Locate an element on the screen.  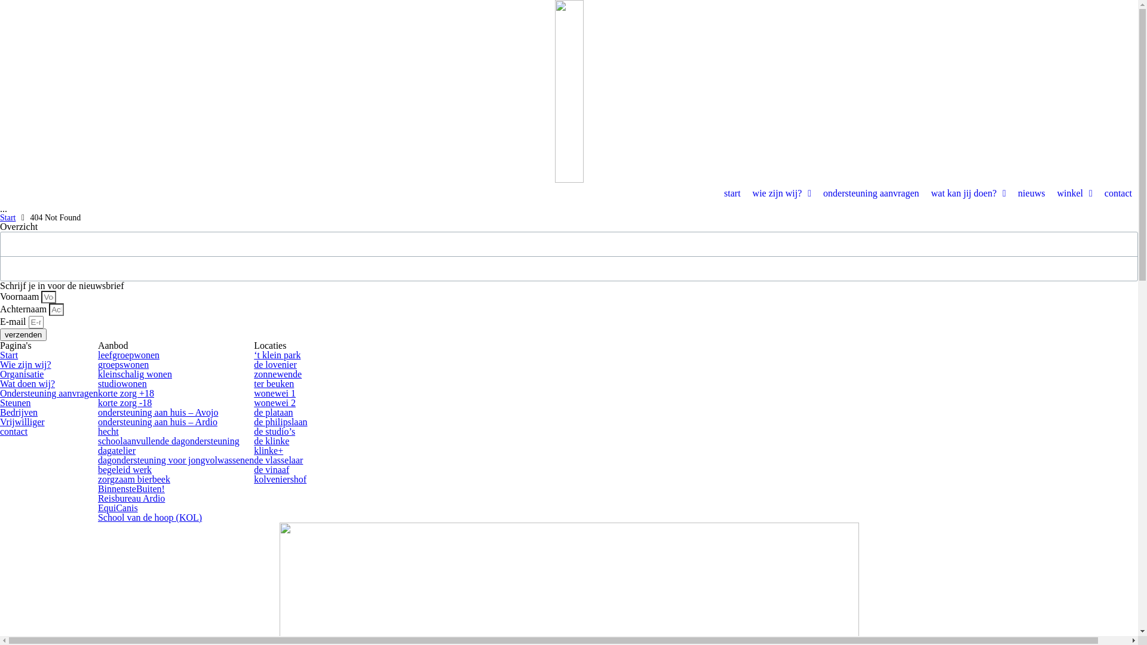
'kolveniershof' is located at coordinates (280, 478).